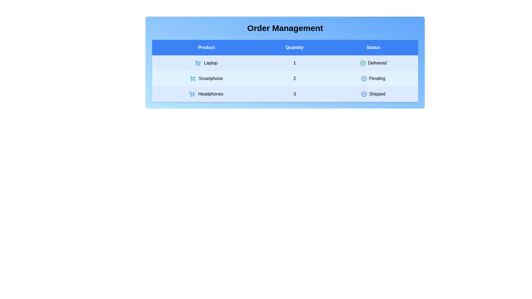 This screenshot has height=299, width=532. What do you see at coordinates (364, 79) in the screenshot?
I see `the status icon for the product Smartphone to view its details` at bounding box center [364, 79].